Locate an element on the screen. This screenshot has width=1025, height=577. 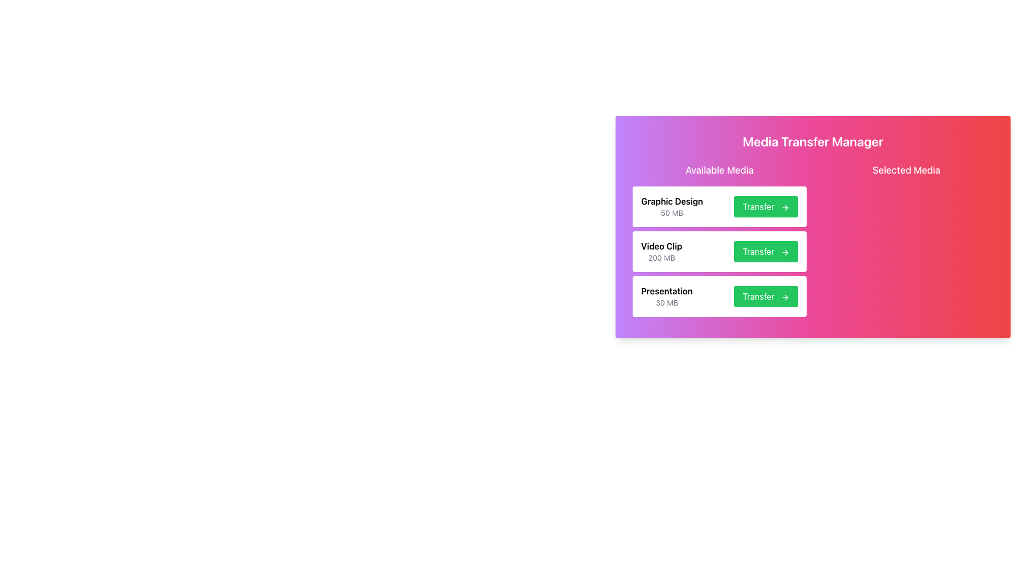
the green 'Transfer' button containing the arrow icon is located at coordinates (786, 297).